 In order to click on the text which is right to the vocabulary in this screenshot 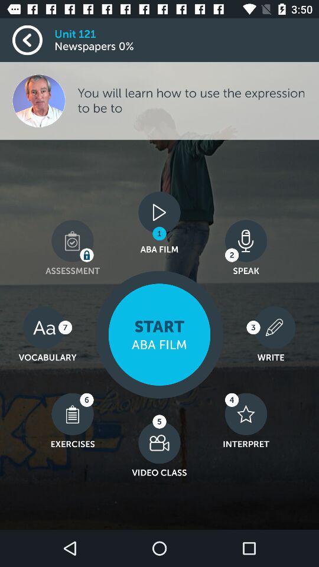, I will do `click(159, 334)`.